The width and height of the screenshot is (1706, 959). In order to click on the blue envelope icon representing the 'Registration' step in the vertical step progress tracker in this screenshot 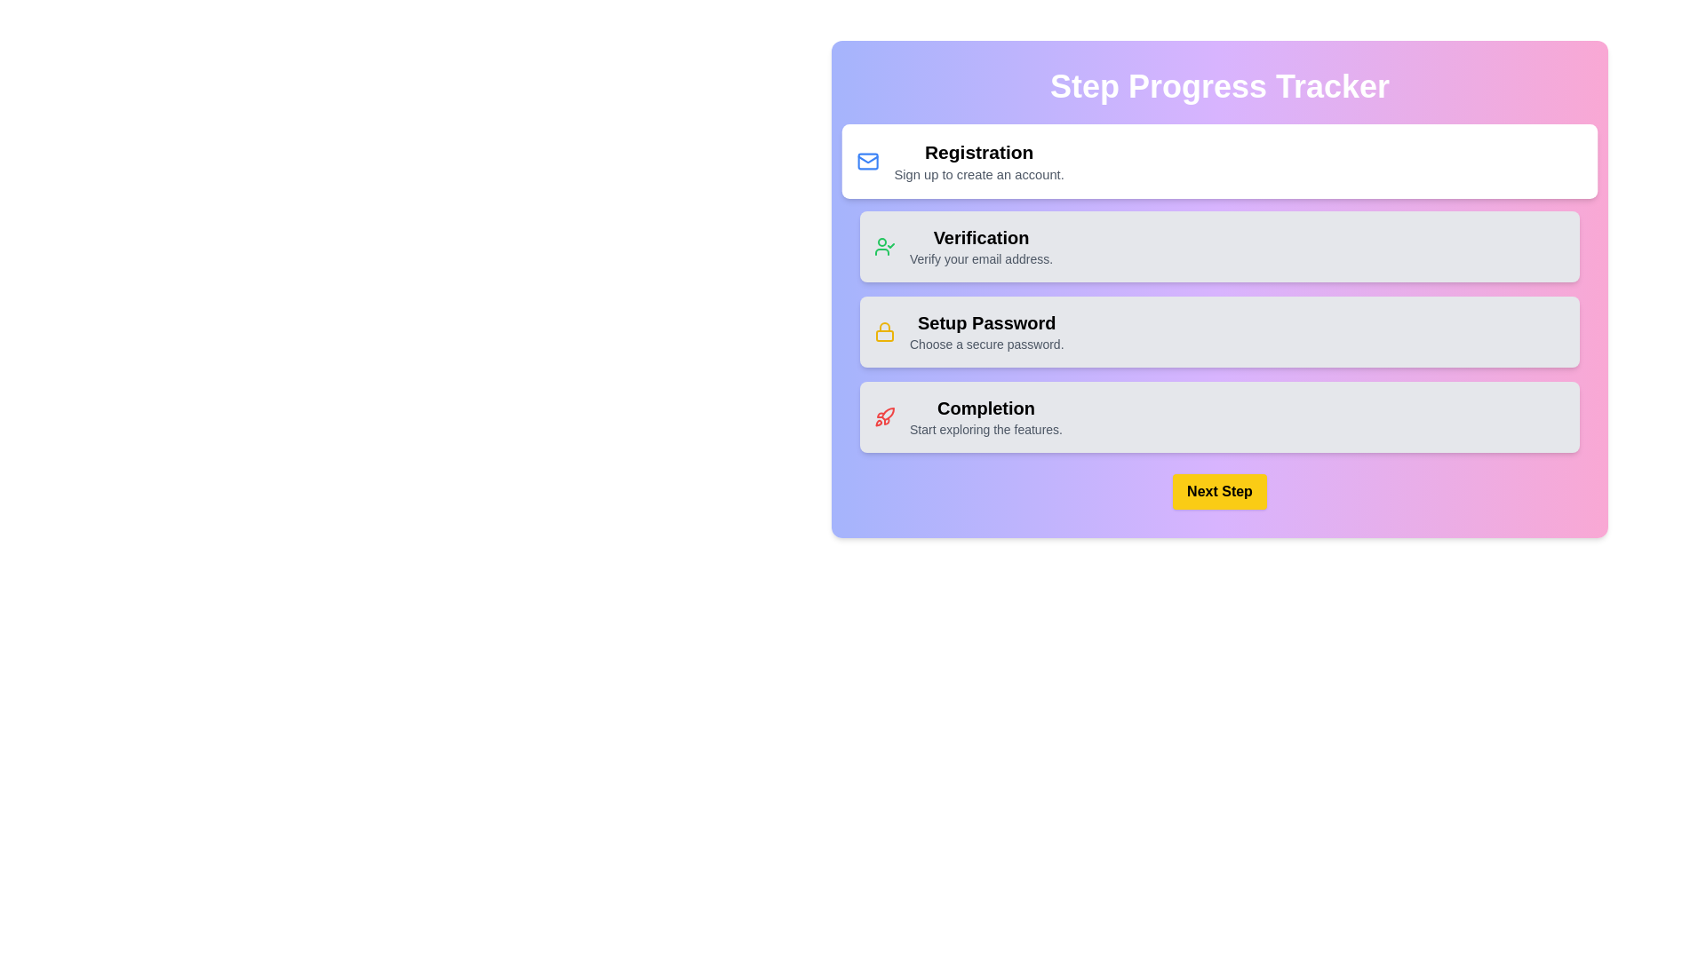, I will do `click(868, 161)`.